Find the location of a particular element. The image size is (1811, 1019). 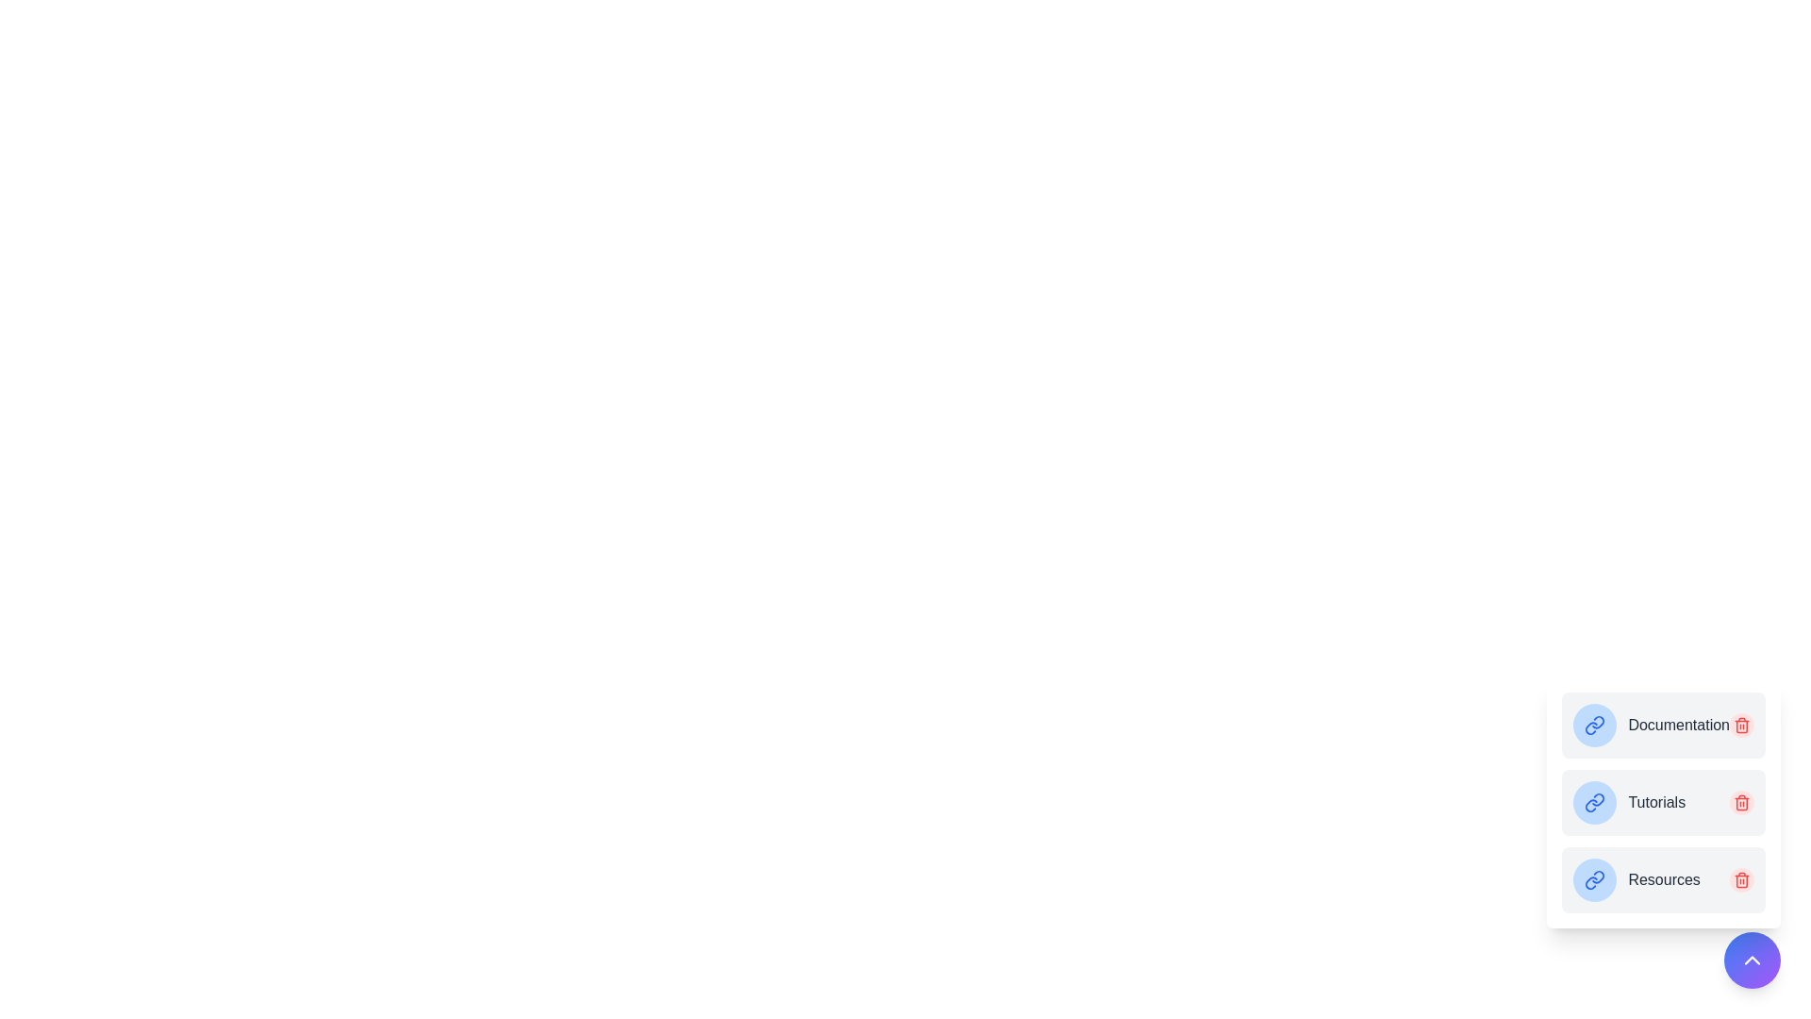

the menu item Resources is located at coordinates (1664, 880).